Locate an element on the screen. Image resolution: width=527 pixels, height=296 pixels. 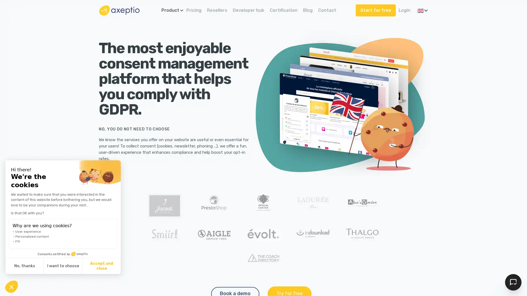
Accept Cookies is located at coordinates (513, 282).